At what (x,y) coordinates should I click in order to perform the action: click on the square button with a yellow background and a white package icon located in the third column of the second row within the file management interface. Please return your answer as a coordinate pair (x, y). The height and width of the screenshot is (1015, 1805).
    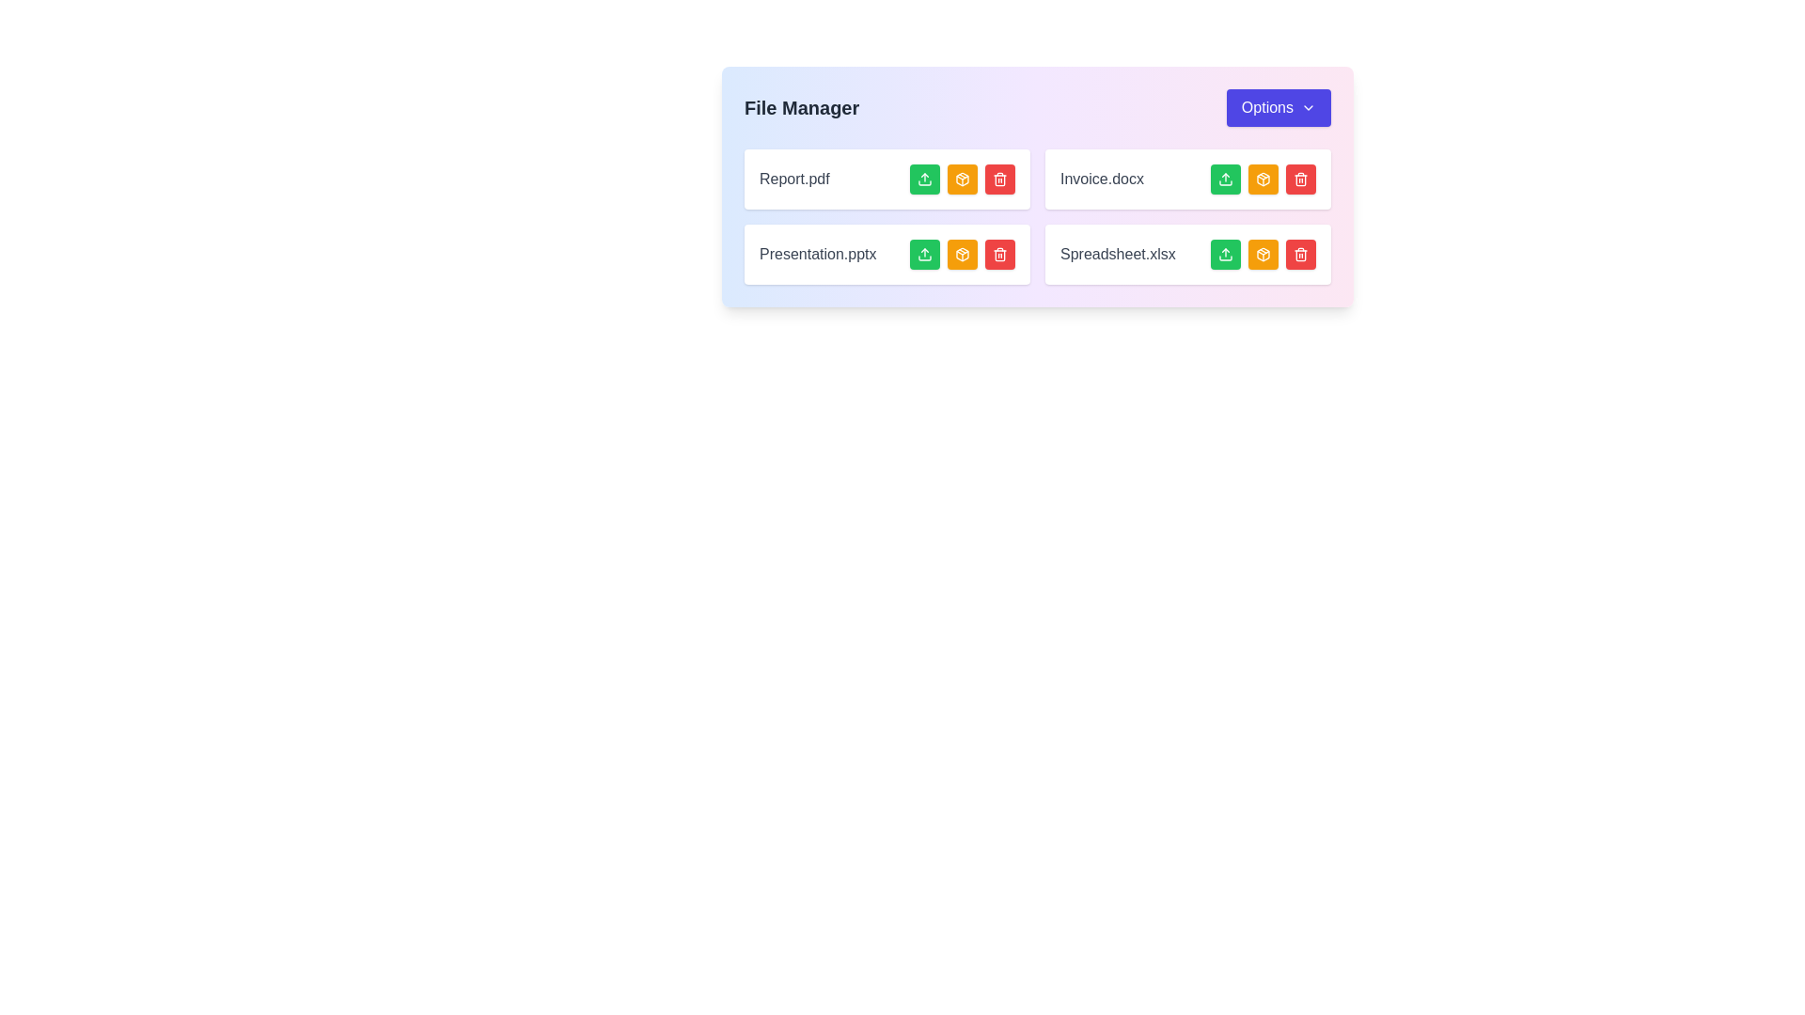
    Looking at the image, I should click on (962, 254).